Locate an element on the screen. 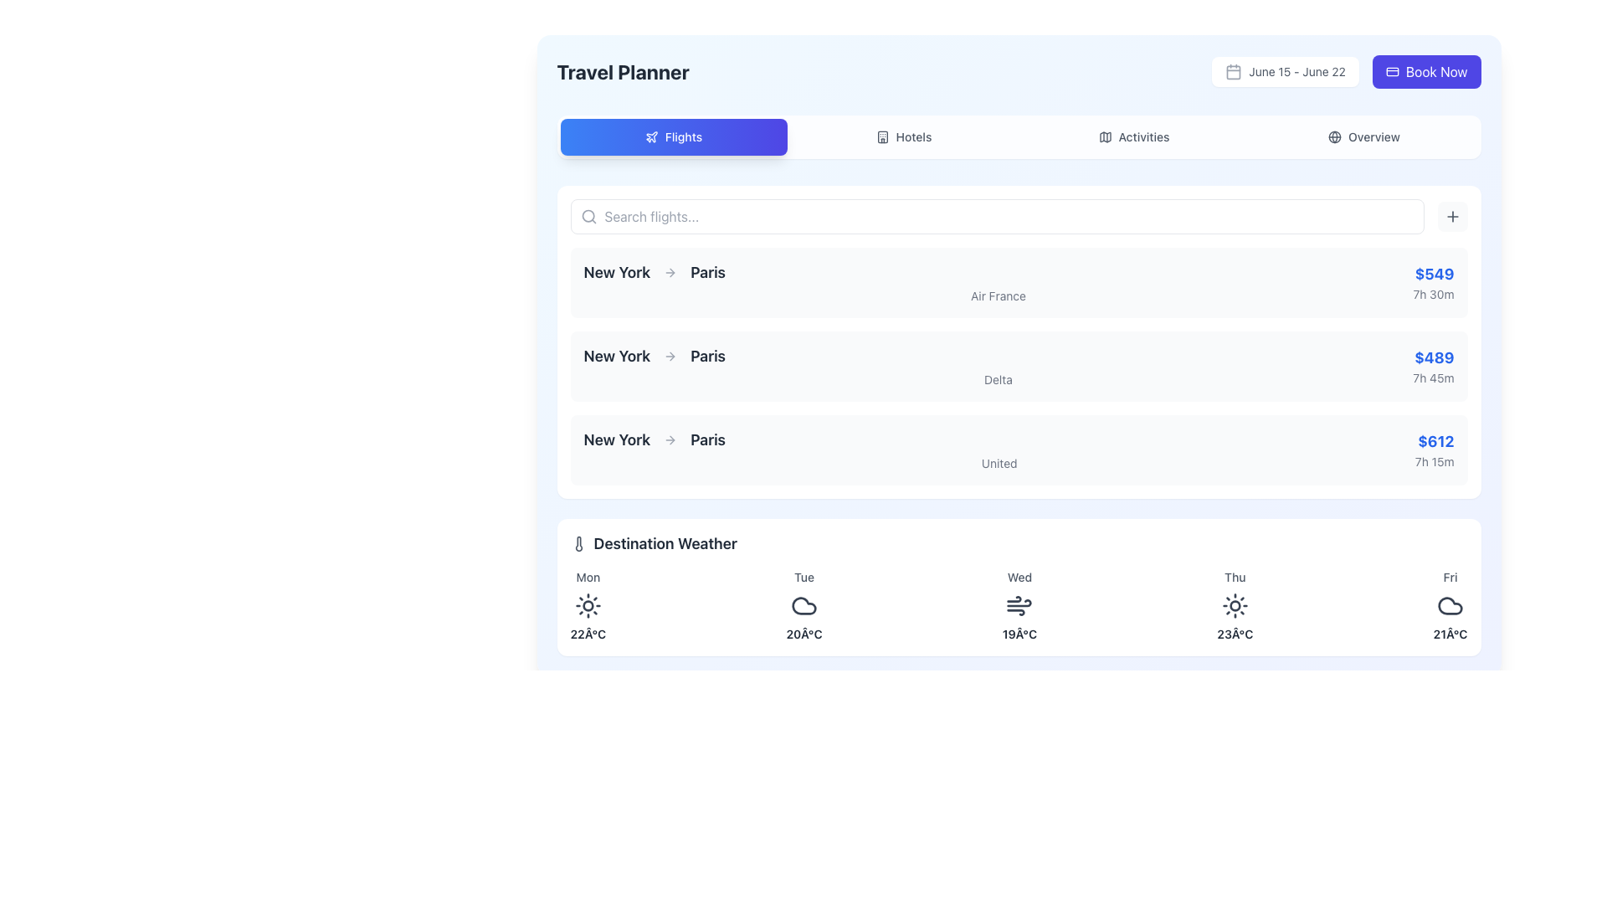  the Text label that specifies the day associated with the weather information for Wednesday, located in the center column of the weekly weather forecast grid beneath the title 'Destination Weather' is located at coordinates (1019, 577).